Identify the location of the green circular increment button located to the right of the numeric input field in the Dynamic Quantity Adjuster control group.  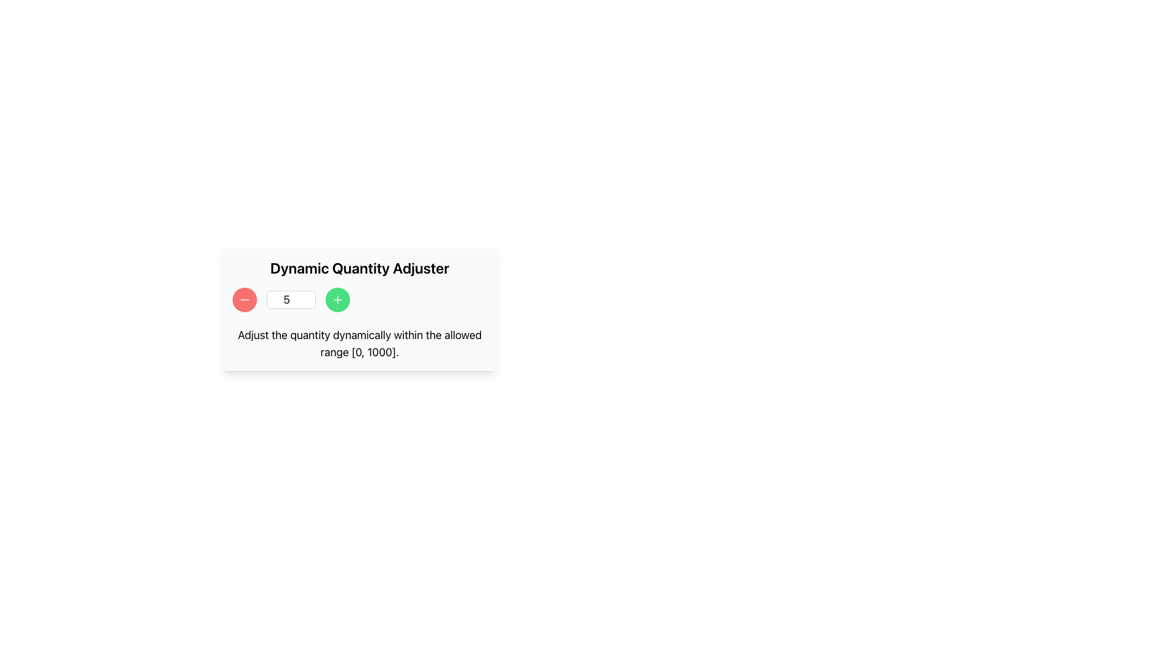
(359, 299).